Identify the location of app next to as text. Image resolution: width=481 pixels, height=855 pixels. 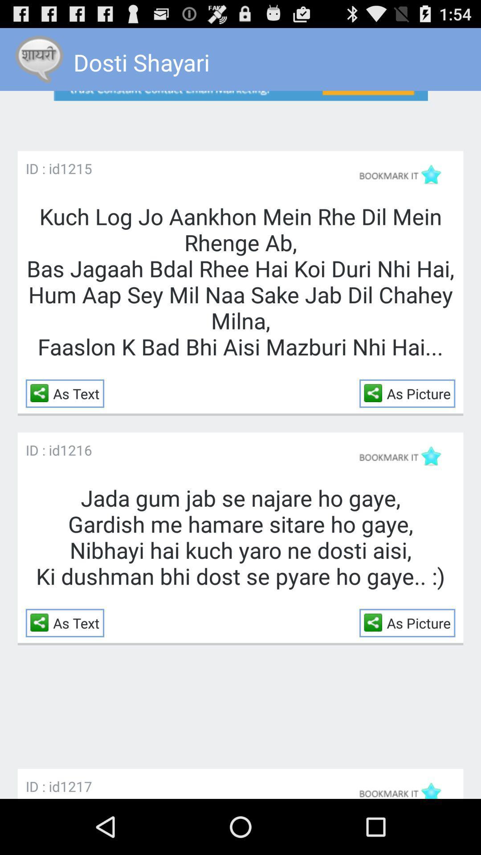
(41, 392).